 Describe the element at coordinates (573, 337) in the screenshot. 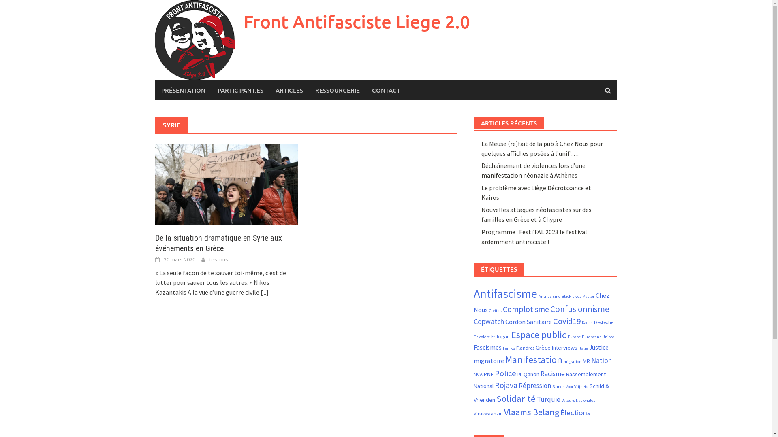

I see `'Europe'` at that location.